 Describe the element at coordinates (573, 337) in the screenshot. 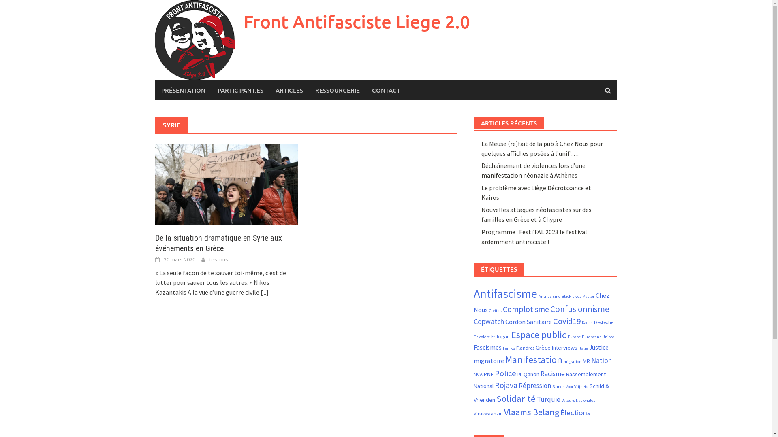

I see `'Europe'` at that location.